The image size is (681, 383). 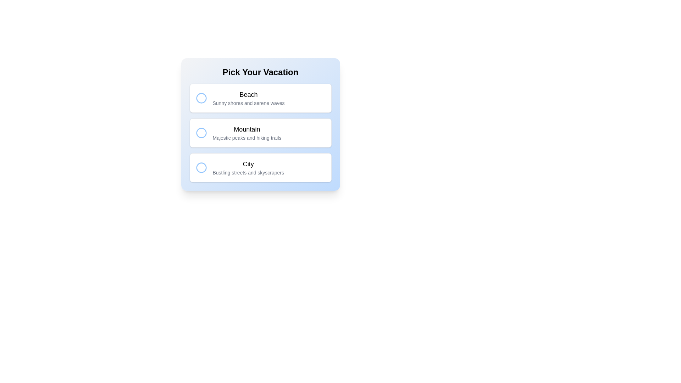 What do you see at coordinates (260, 168) in the screenshot?
I see `the Selectable card labeled 'City'` at bounding box center [260, 168].